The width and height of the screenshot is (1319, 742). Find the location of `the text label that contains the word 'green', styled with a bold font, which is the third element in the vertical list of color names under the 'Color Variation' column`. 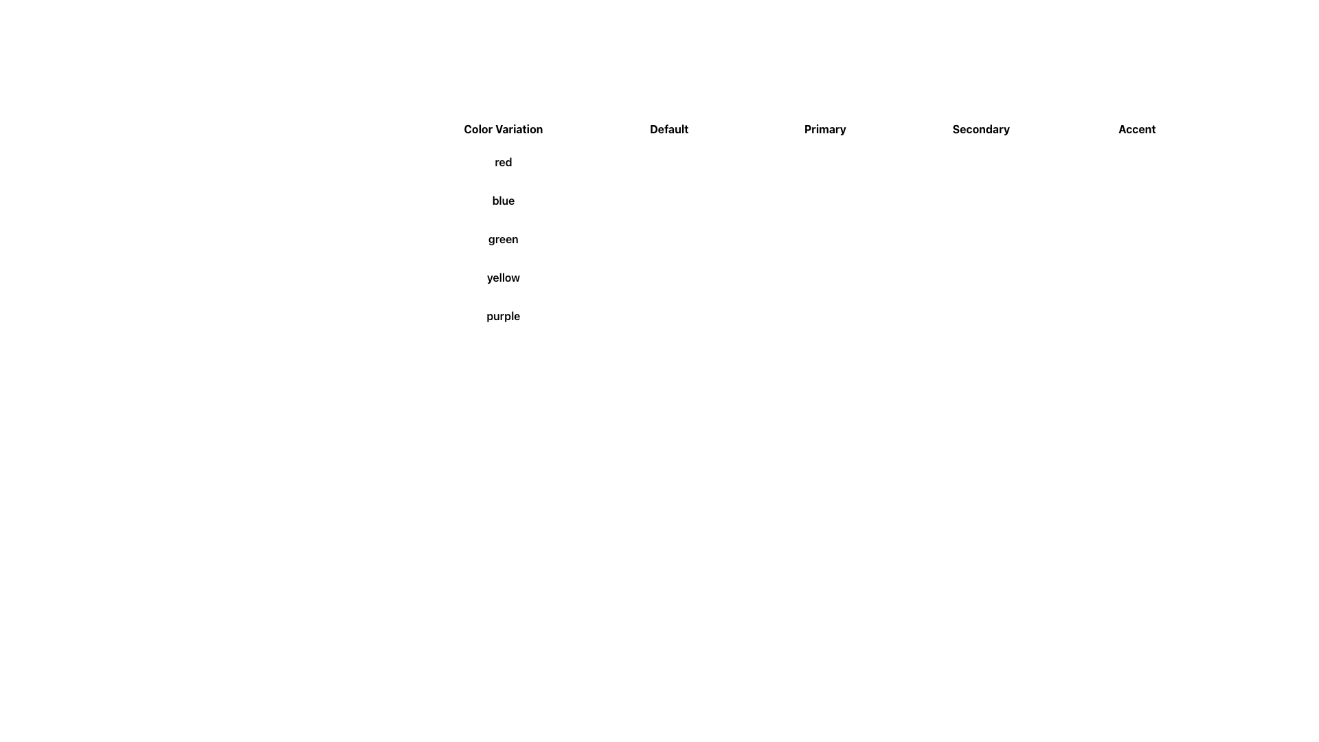

the text label that contains the word 'green', styled with a bold font, which is the third element in the vertical list of color names under the 'Color Variation' column is located at coordinates (502, 238).